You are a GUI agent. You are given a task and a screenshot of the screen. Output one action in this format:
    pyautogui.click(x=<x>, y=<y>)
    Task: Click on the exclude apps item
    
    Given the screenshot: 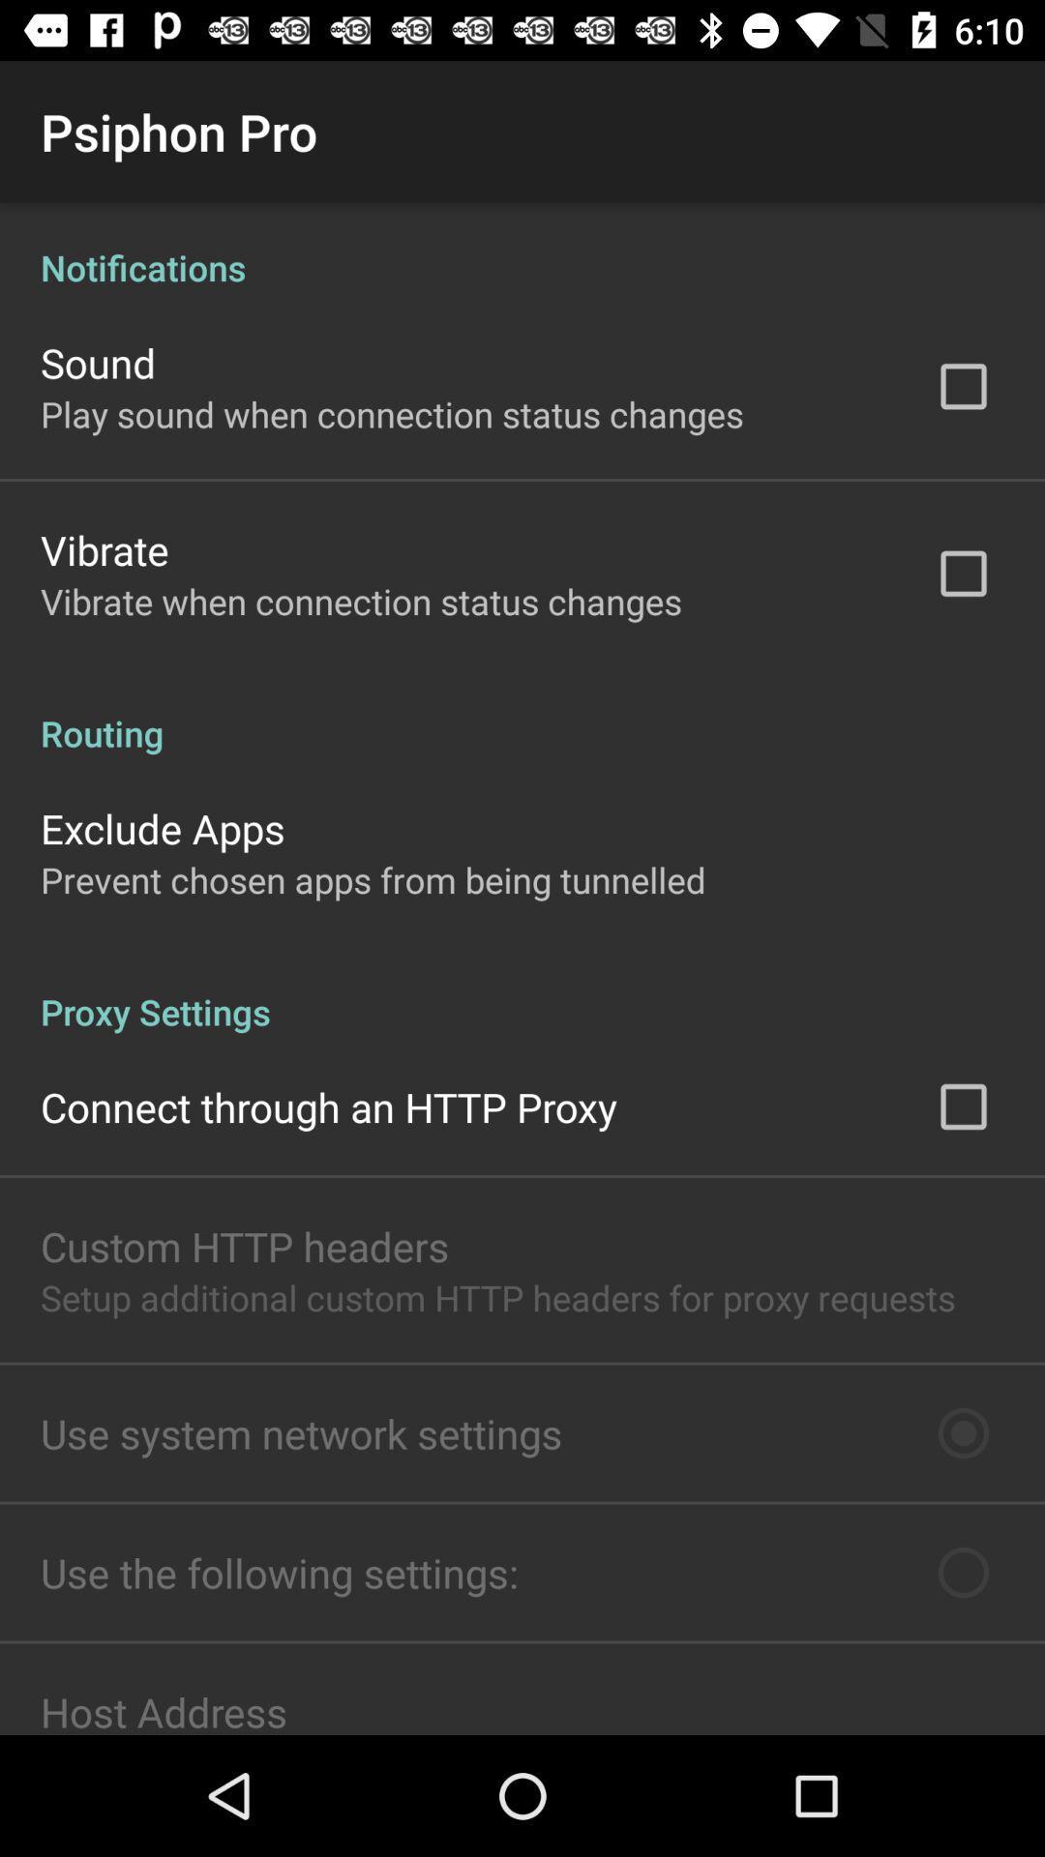 What is the action you would take?
    pyautogui.click(x=162, y=828)
    